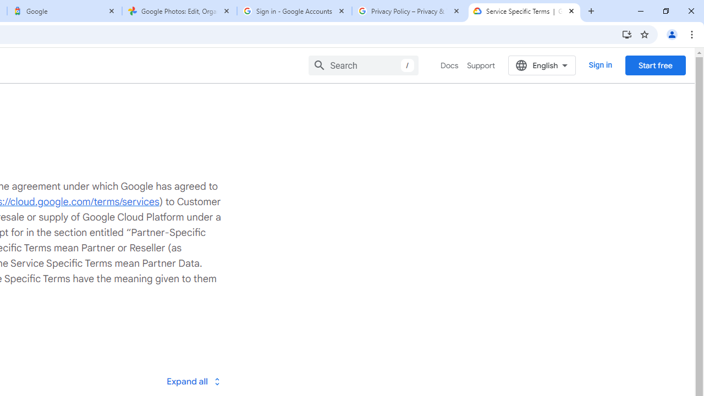 The image size is (704, 396). Describe the element at coordinates (364, 65) in the screenshot. I see `'Search'` at that location.